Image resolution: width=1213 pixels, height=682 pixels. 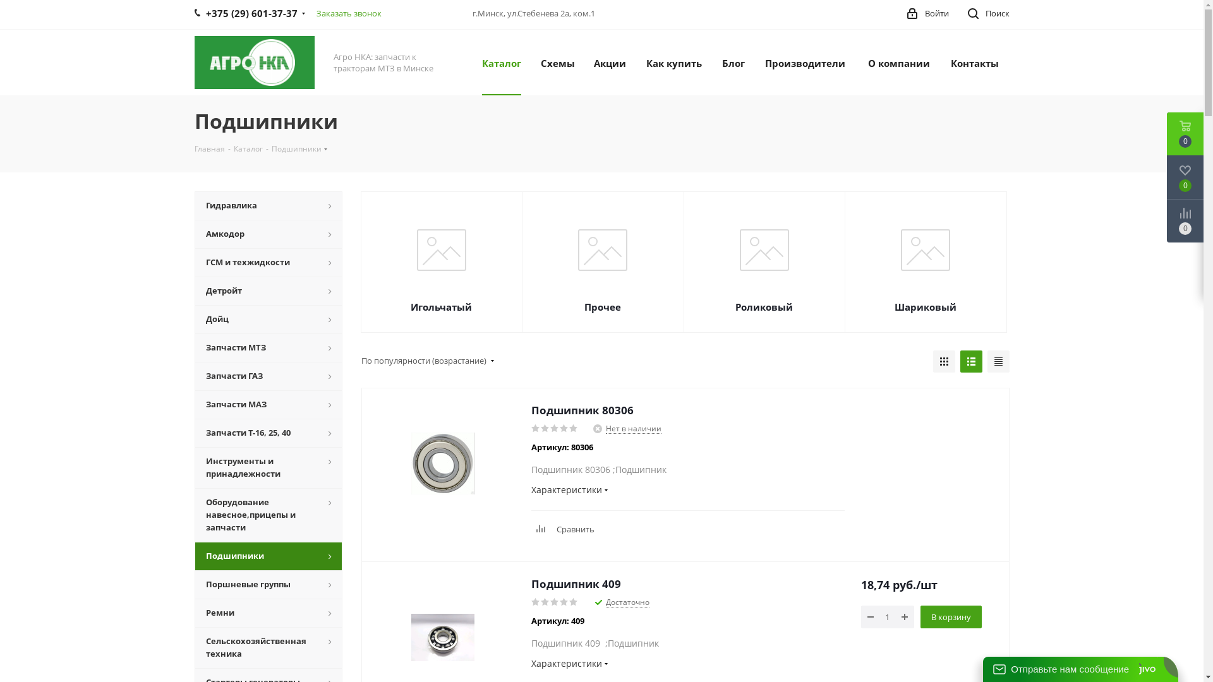 What do you see at coordinates (442, 463) in the screenshot?
I see `'80306'` at bounding box center [442, 463].